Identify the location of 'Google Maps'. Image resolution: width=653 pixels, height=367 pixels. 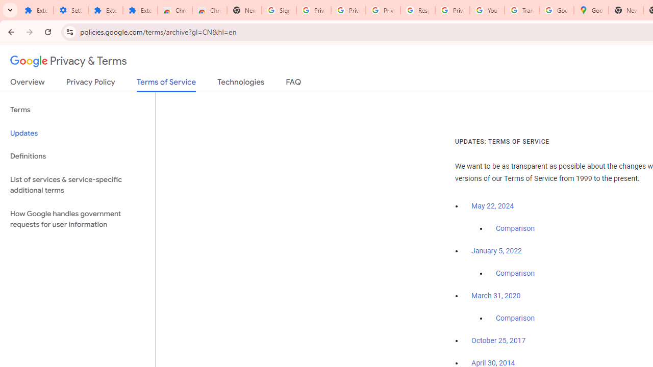
(591, 10).